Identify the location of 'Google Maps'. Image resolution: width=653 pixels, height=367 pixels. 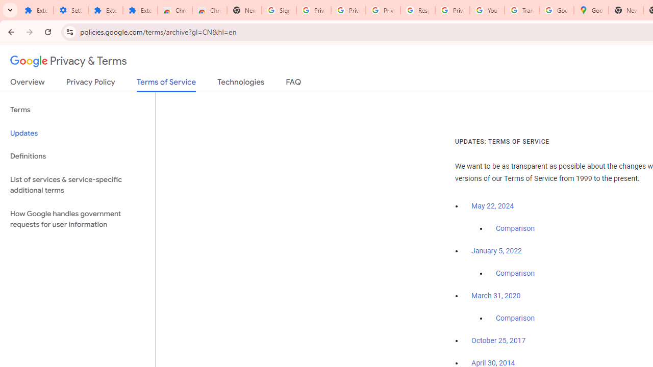
(591, 10).